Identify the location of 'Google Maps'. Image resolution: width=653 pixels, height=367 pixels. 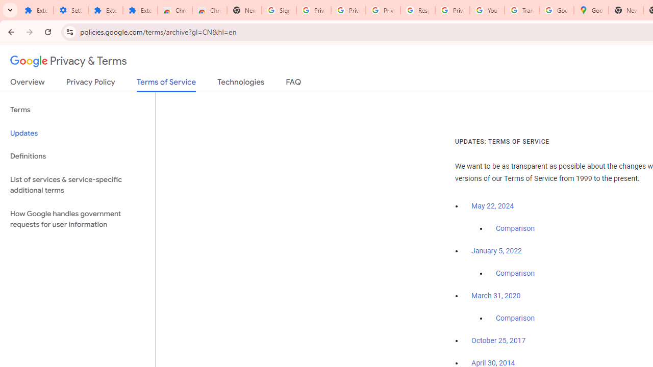
(591, 10).